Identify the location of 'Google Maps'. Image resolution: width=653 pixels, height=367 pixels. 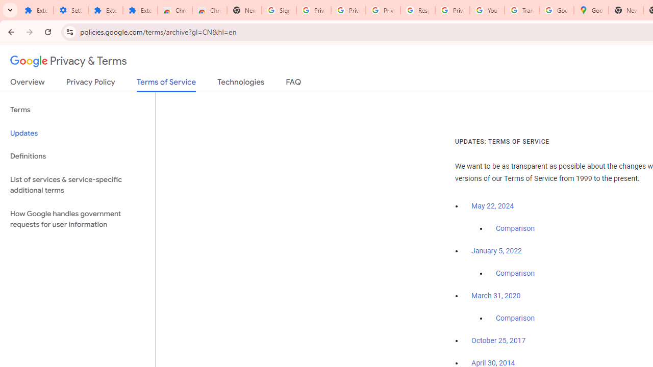
(591, 10).